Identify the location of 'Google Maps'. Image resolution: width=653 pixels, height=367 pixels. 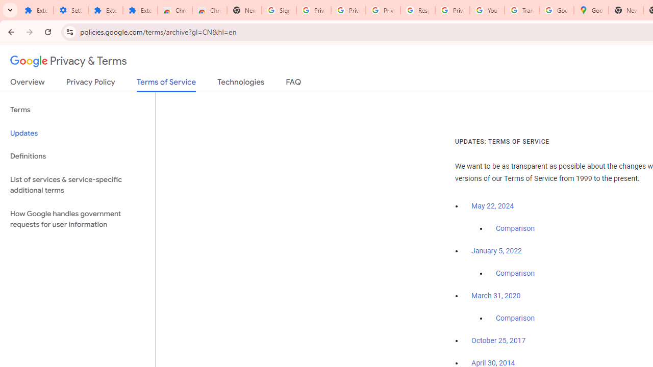
(591, 10).